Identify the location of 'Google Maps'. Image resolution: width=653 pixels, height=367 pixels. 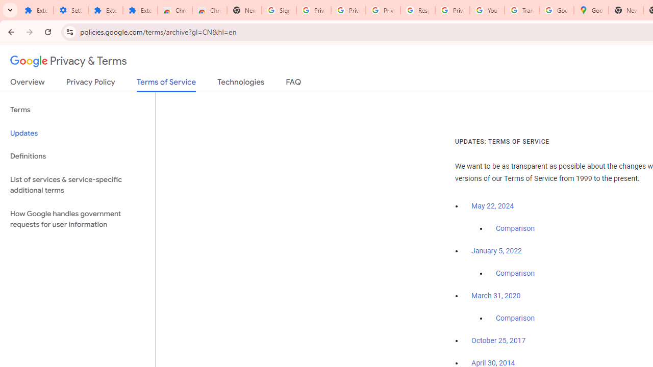
(591, 10).